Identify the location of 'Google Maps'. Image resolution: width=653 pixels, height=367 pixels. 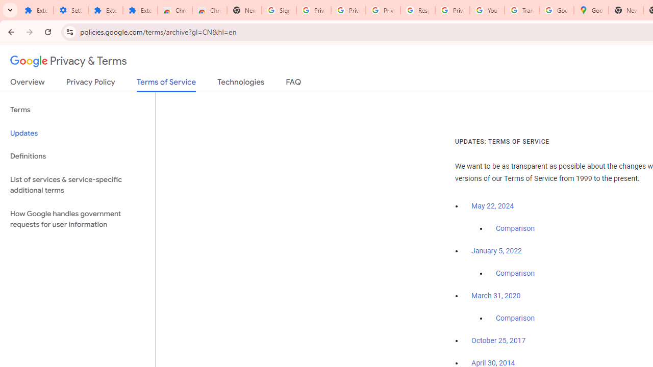
(591, 10).